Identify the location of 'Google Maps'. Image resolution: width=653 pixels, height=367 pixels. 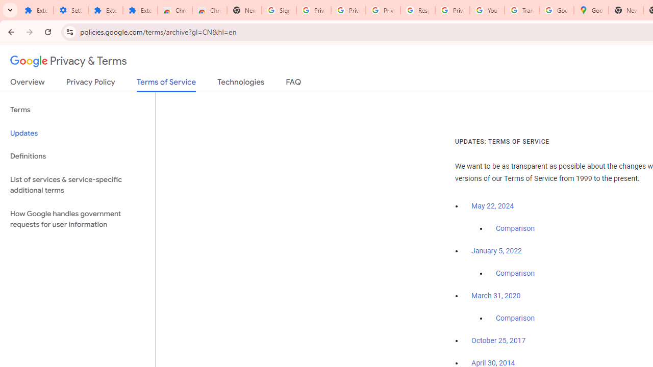
(591, 10).